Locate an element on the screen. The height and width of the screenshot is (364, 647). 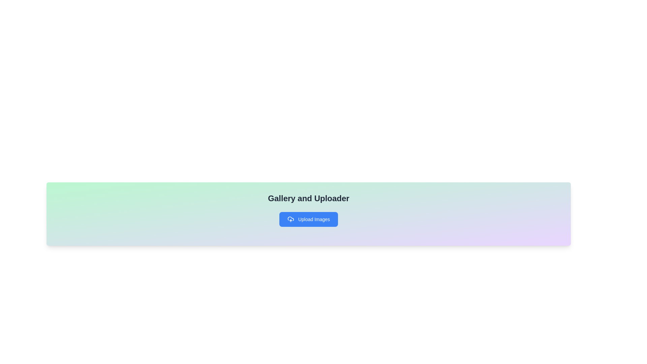
the image upload button located below the 'Gallery and Uploader' title to change its hover state is located at coordinates (308, 219).